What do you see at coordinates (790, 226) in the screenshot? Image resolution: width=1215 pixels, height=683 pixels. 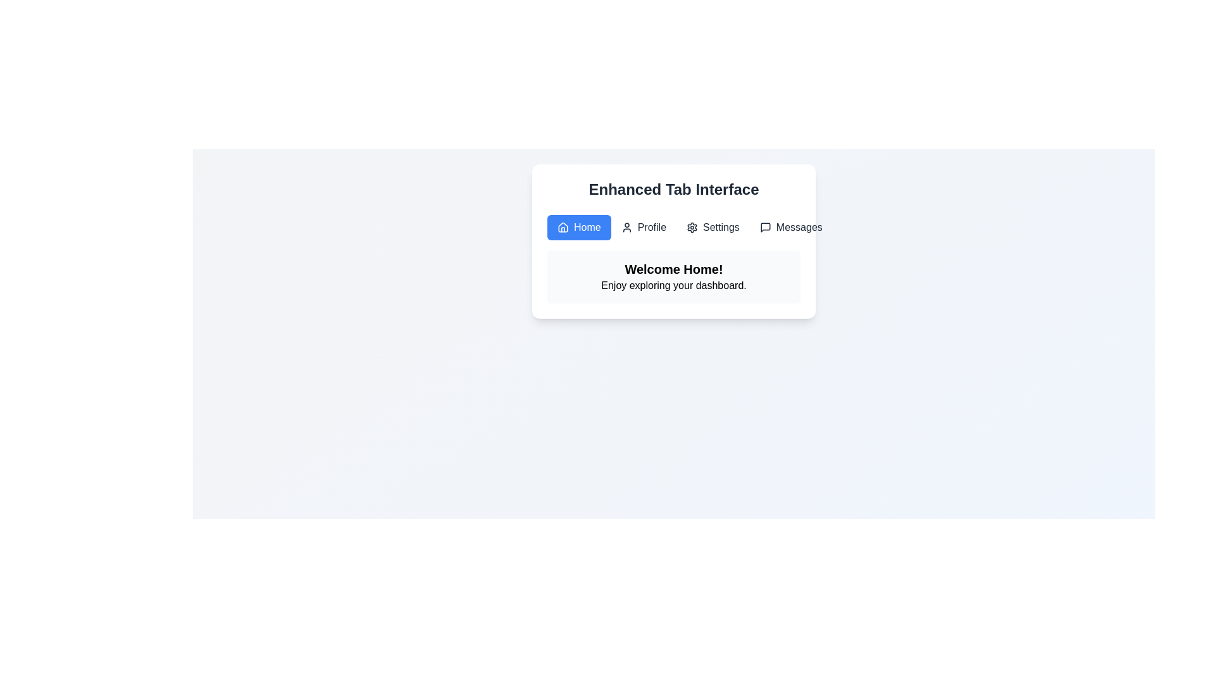 I see `the 'Messages' button located in the top center navigation bar, which is the fourth item from the left` at bounding box center [790, 226].